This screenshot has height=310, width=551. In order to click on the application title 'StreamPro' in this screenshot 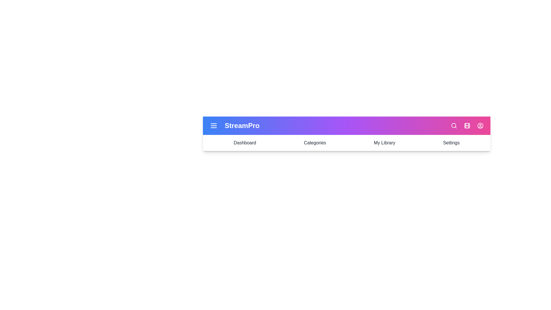, I will do `click(242, 125)`.